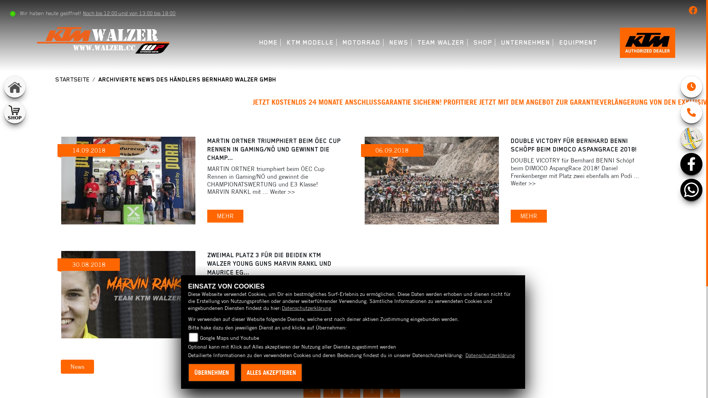 This screenshot has width=708, height=398. Describe the element at coordinates (680, 163) in the screenshot. I see `'Facebook'` at that location.